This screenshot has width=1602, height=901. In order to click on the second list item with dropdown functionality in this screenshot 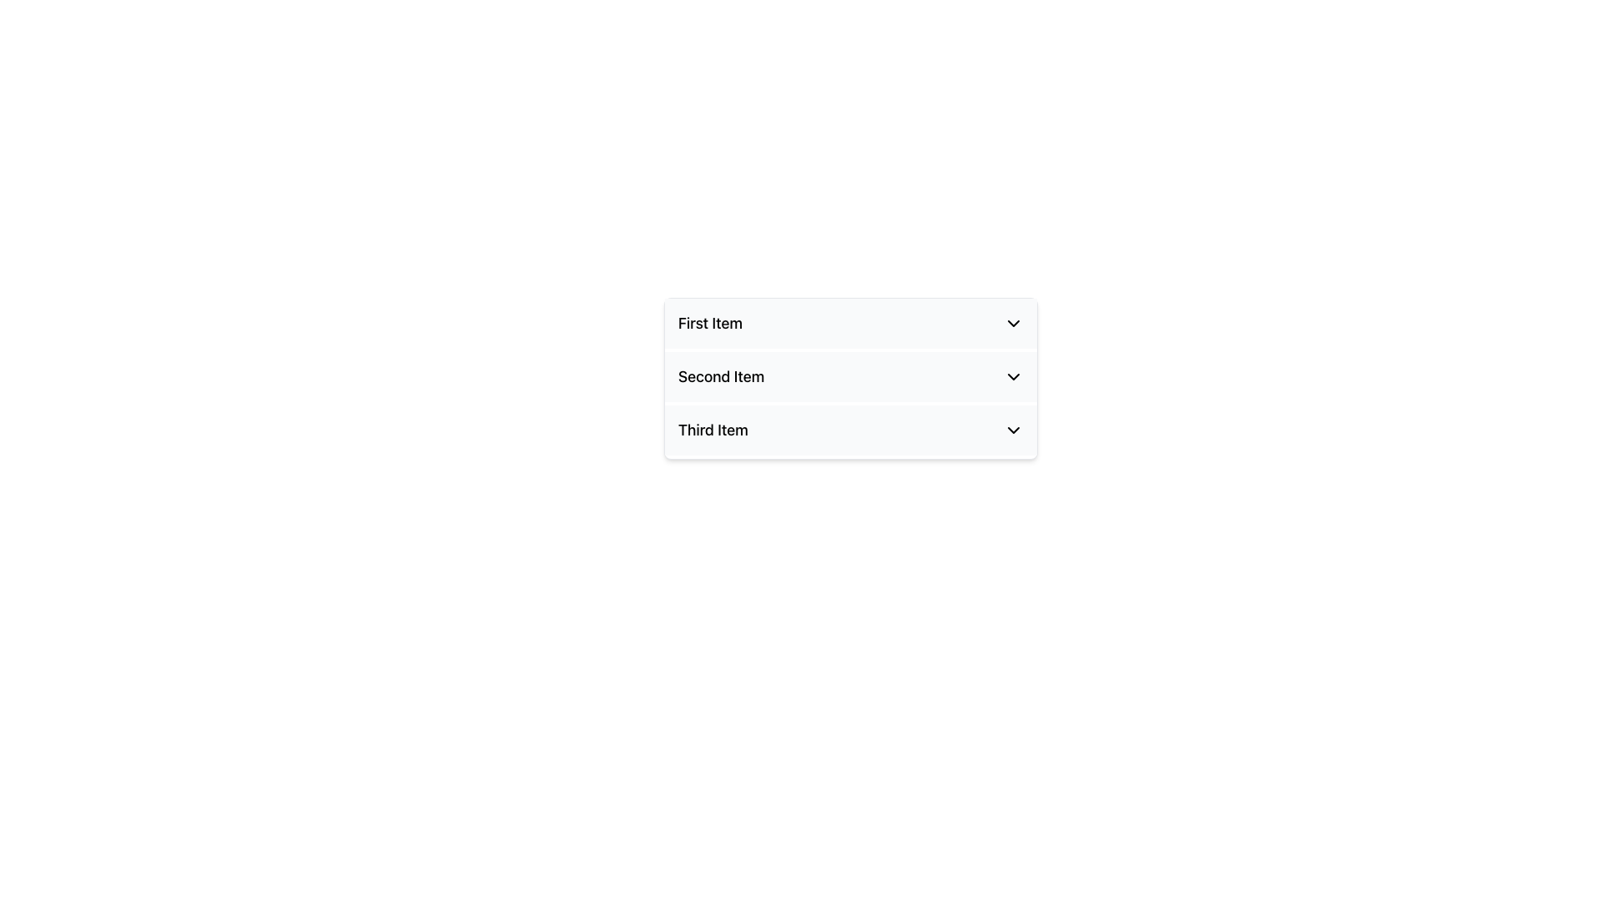, I will do `click(850, 376)`.